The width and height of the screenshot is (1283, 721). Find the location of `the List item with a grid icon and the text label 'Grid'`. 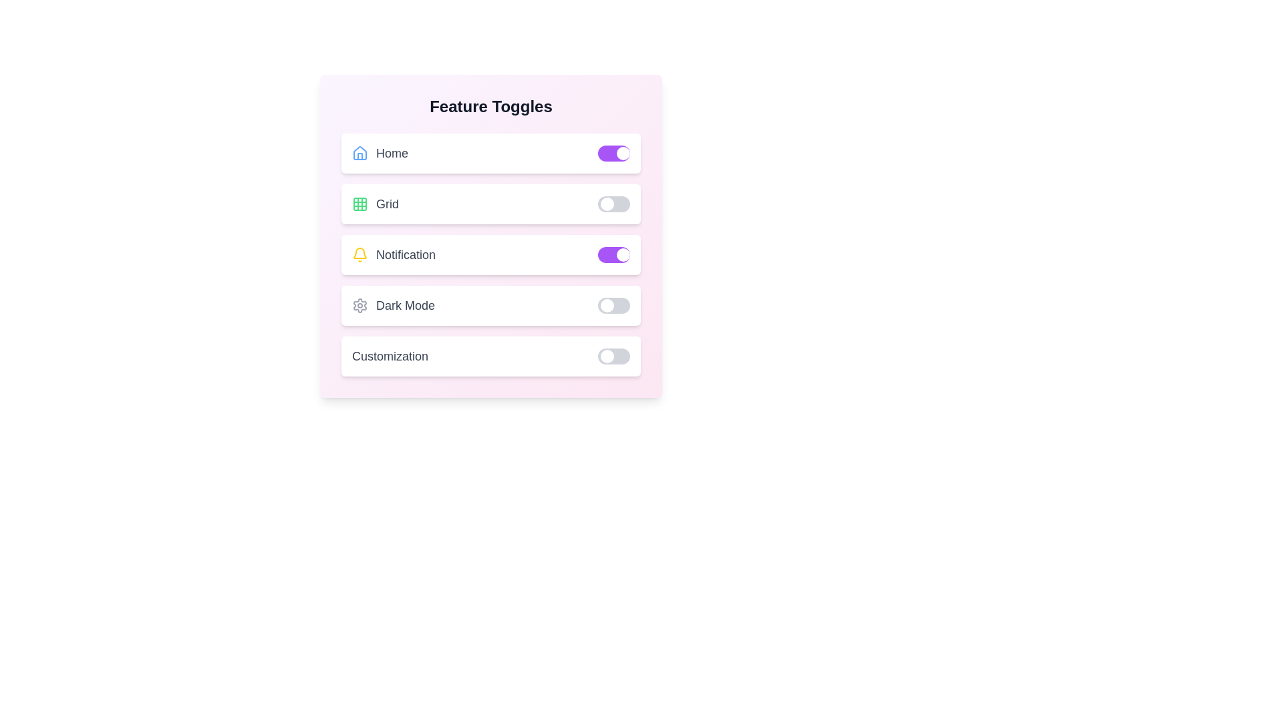

the List item with a grid icon and the text label 'Grid' is located at coordinates (374, 204).